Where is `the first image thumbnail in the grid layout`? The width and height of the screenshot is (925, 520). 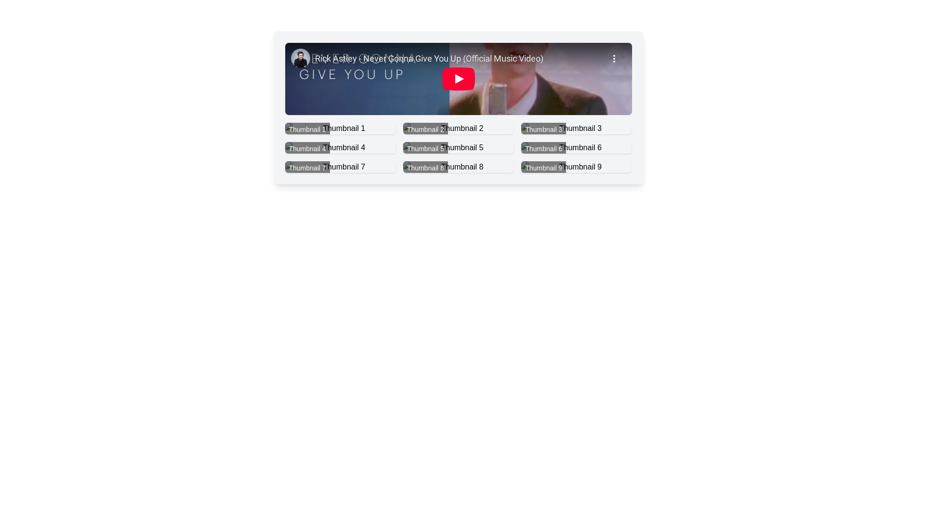 the first image thumbnail in the grid layout is located at coordinates (340, 128).